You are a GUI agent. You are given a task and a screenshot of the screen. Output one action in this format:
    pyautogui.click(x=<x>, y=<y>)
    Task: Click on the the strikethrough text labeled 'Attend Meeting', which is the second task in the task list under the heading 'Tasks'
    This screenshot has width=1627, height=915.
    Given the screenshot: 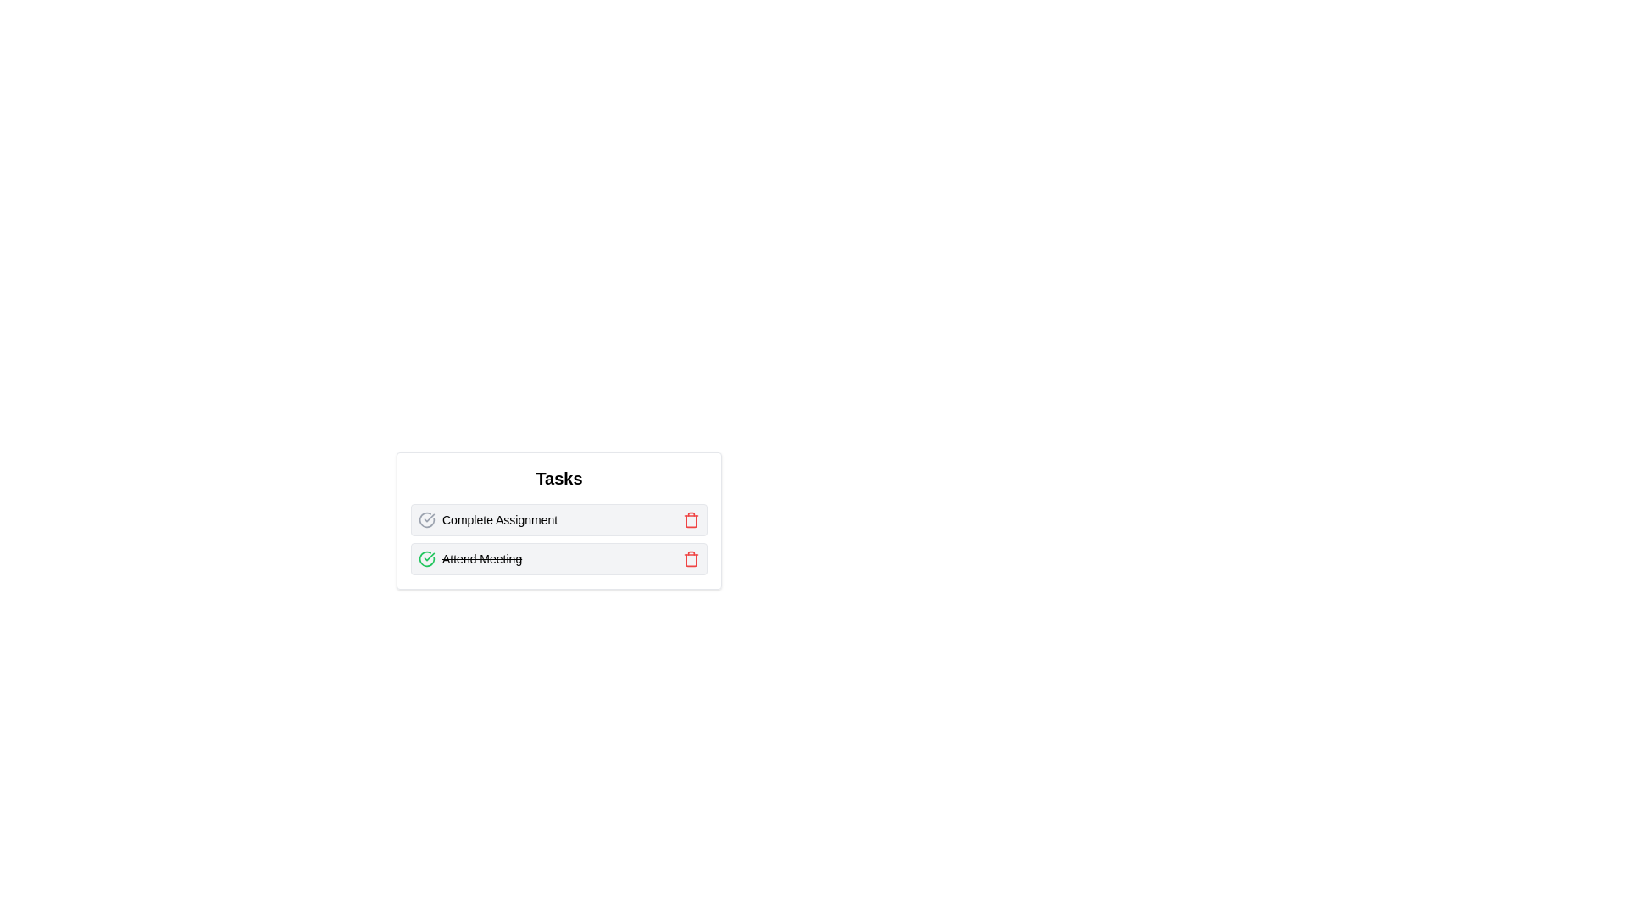 What is the action you would take?
    pyautogui.click(x=470, y=558)
    